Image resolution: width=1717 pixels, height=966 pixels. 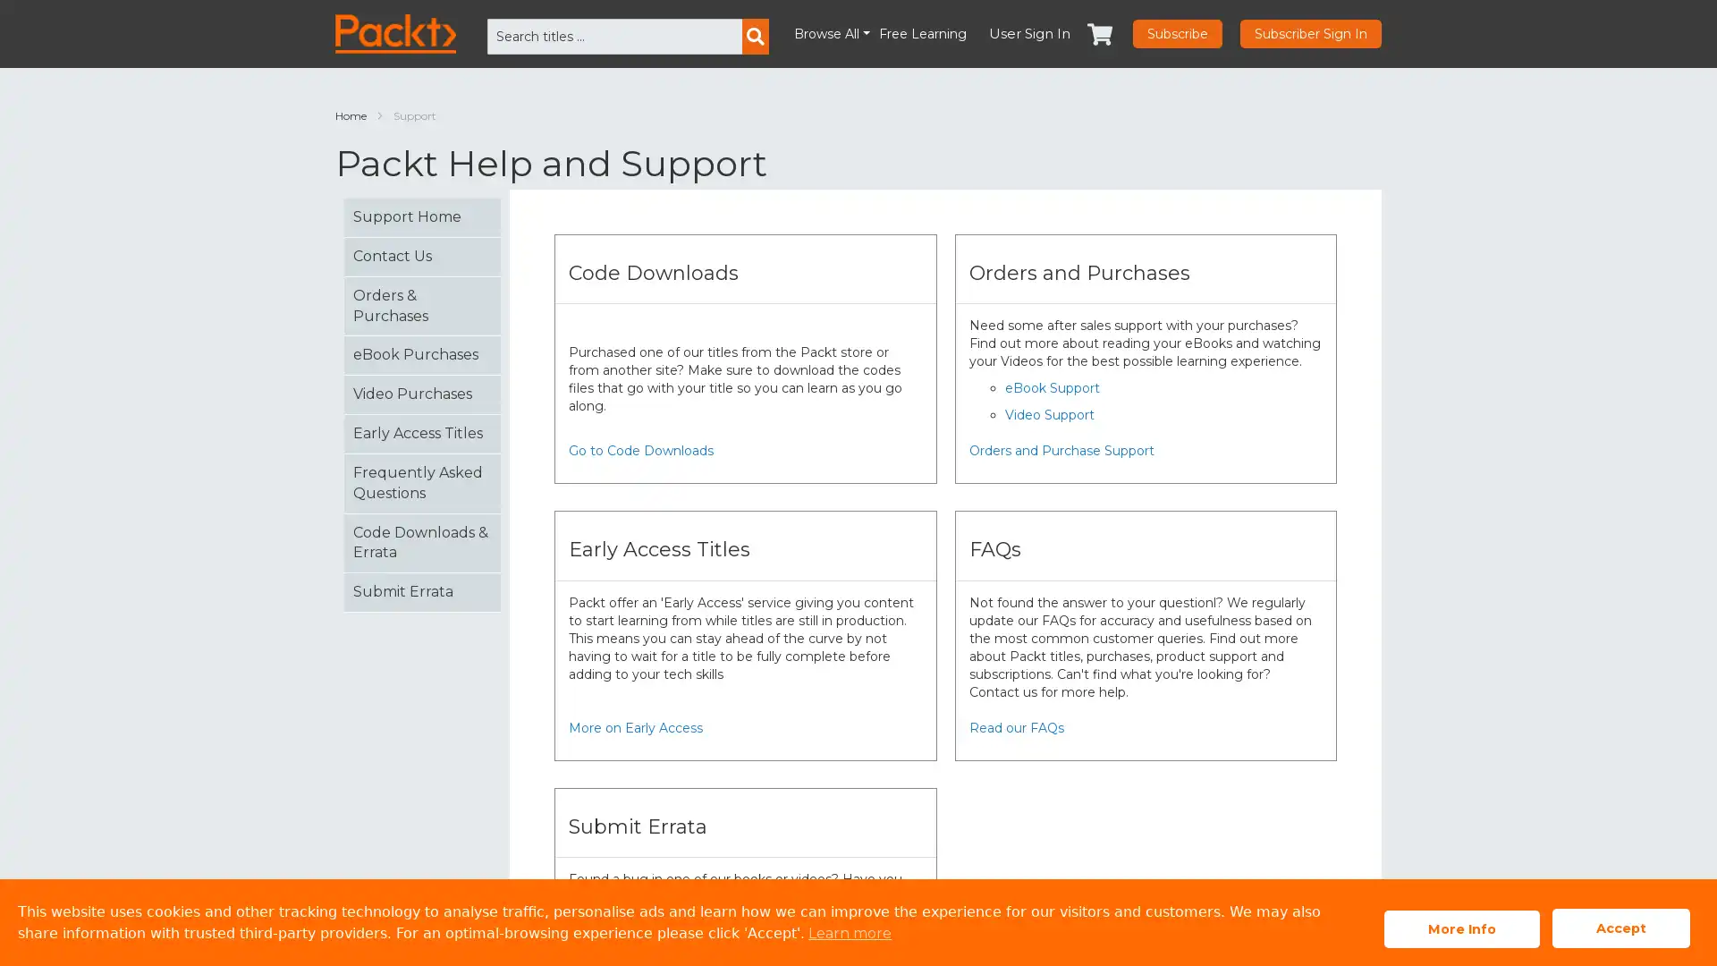 What do you see at coordinates (1462, 928) in the screenshot?
I see `More Info` at bounding box center [1462, 928].